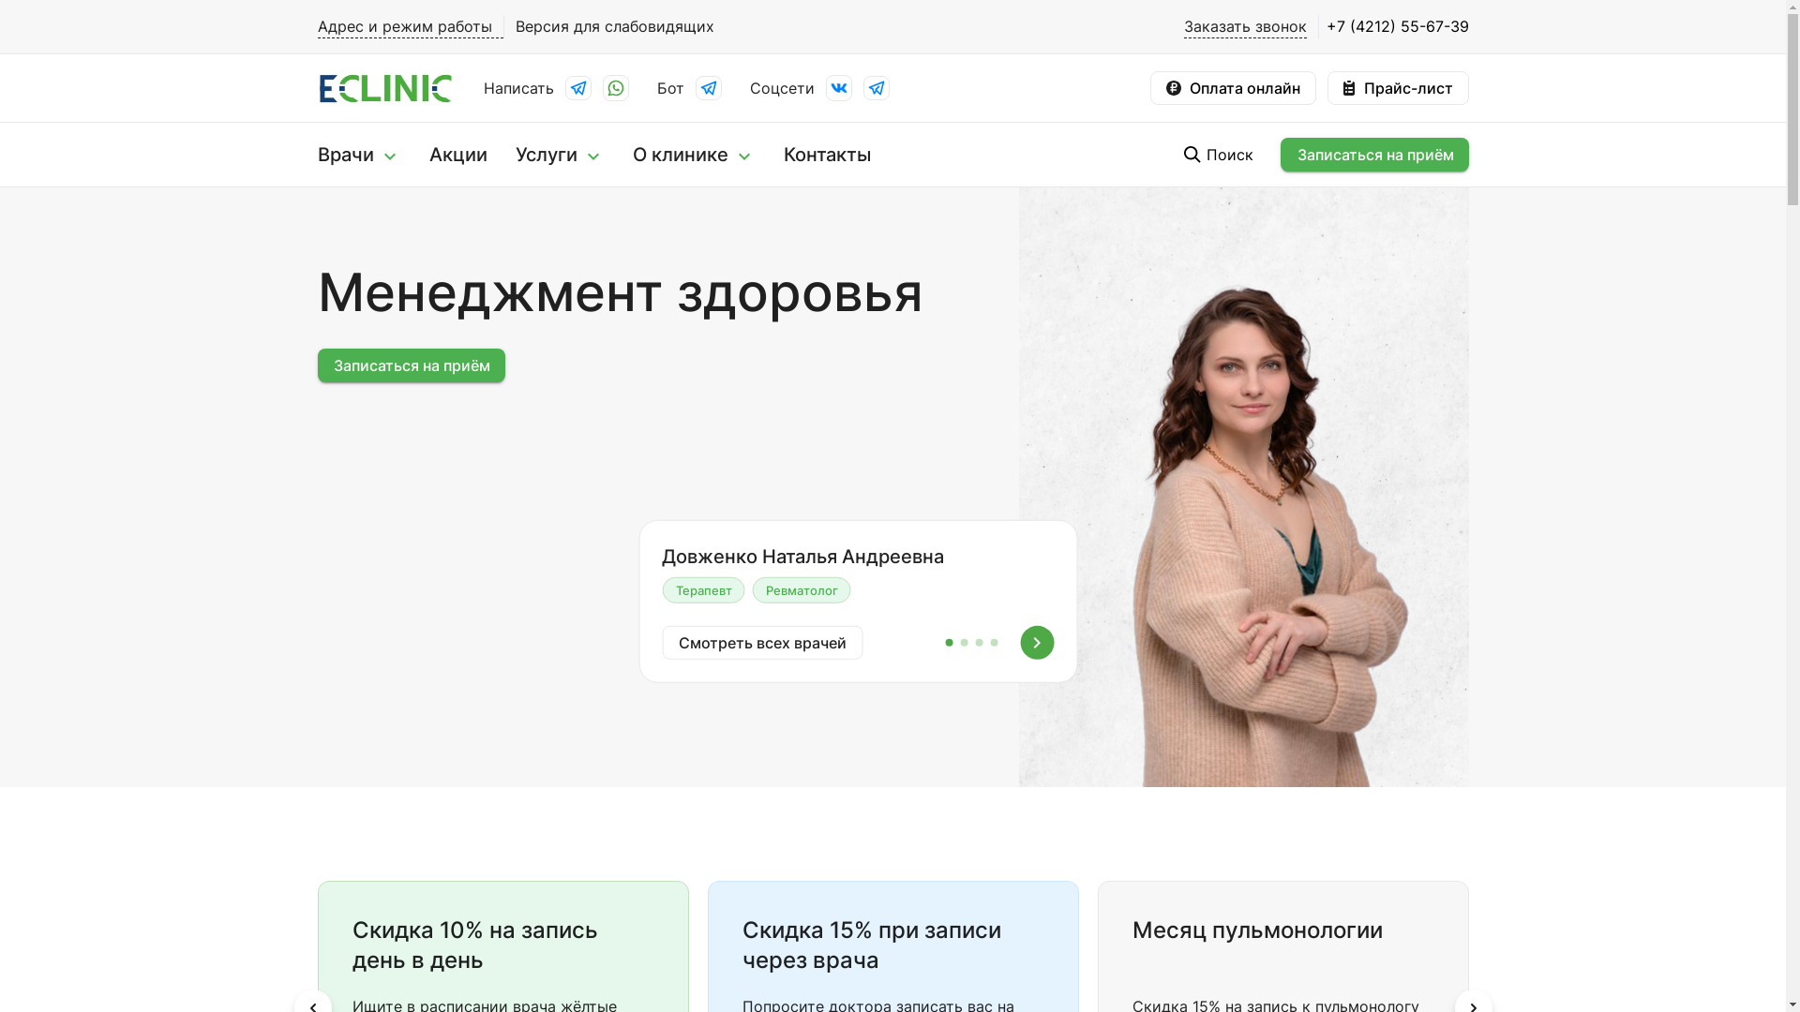 This screenshot has width=1800, height=1012. What do you see at coordinates (1393, 26) in the screenshot?
I see `'+7 (4212) 55-67-39'` at bounding box center [1393, 26].